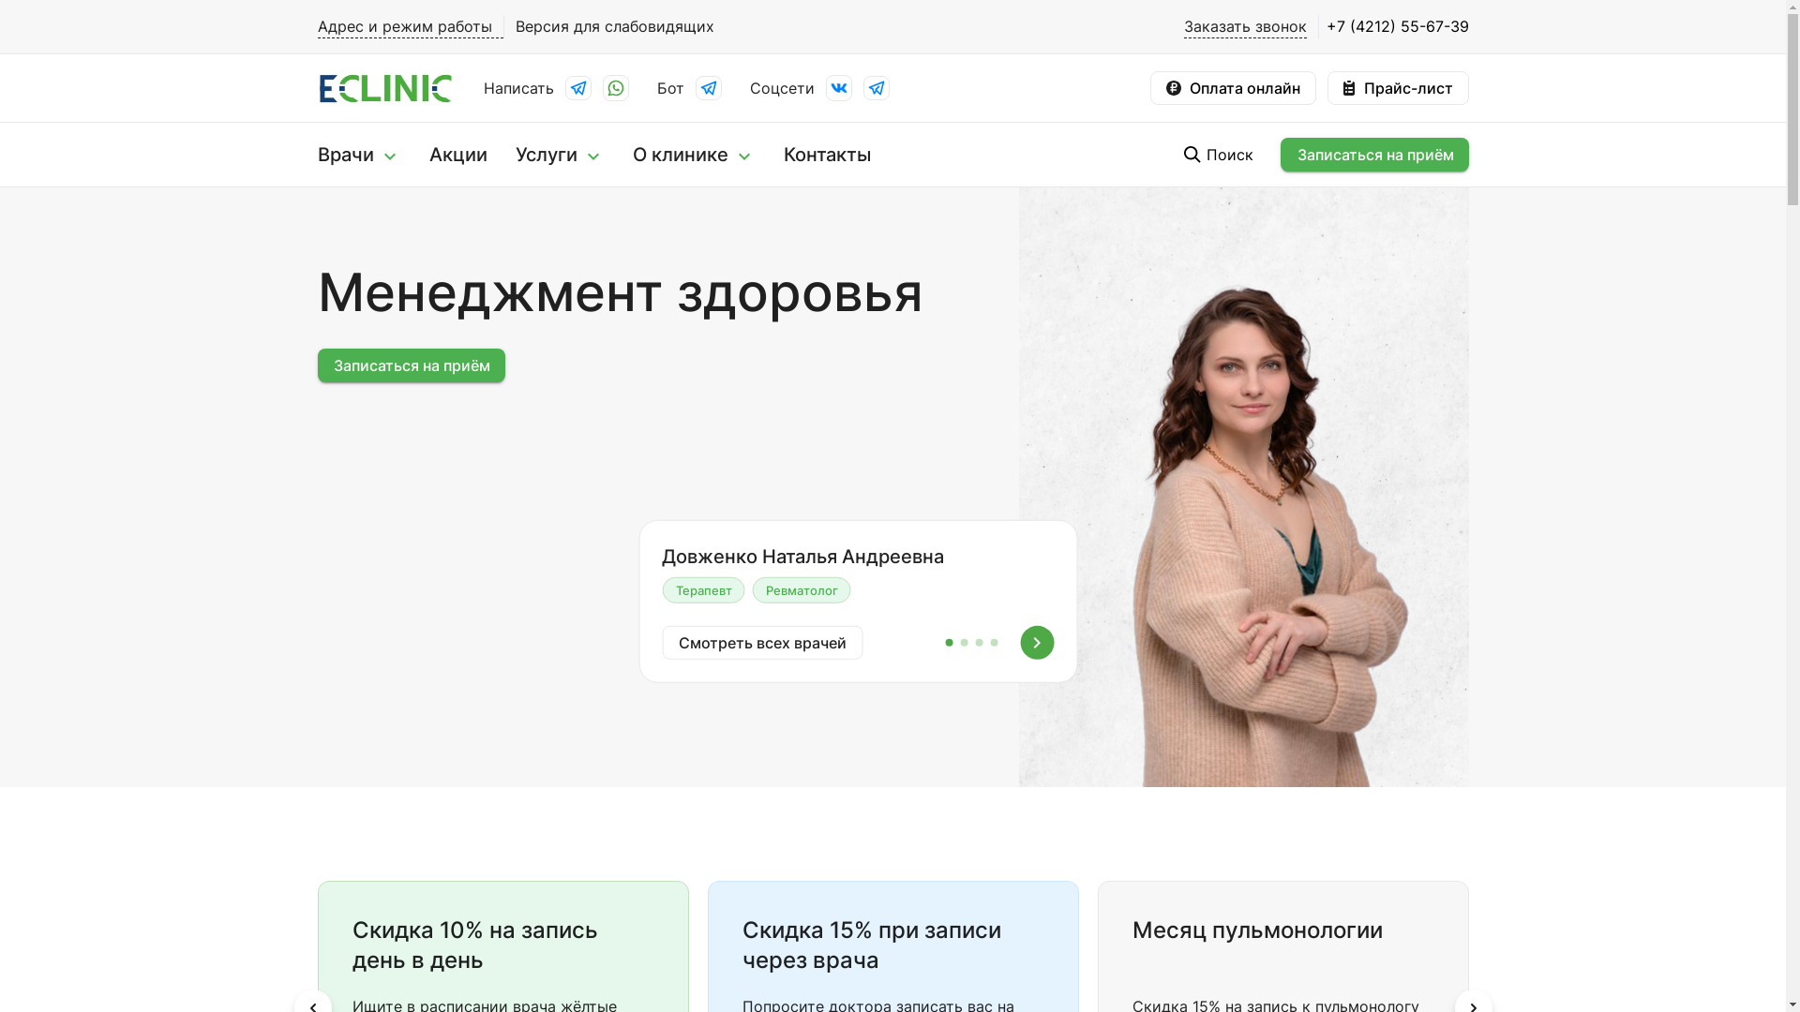 This screenshot has width=1800, height=1012. What do you see at coordinates (1393, 26) in the screenshot?
I see `'+7 (4212) 55-67-39'` at bounding box center [1393, 26].